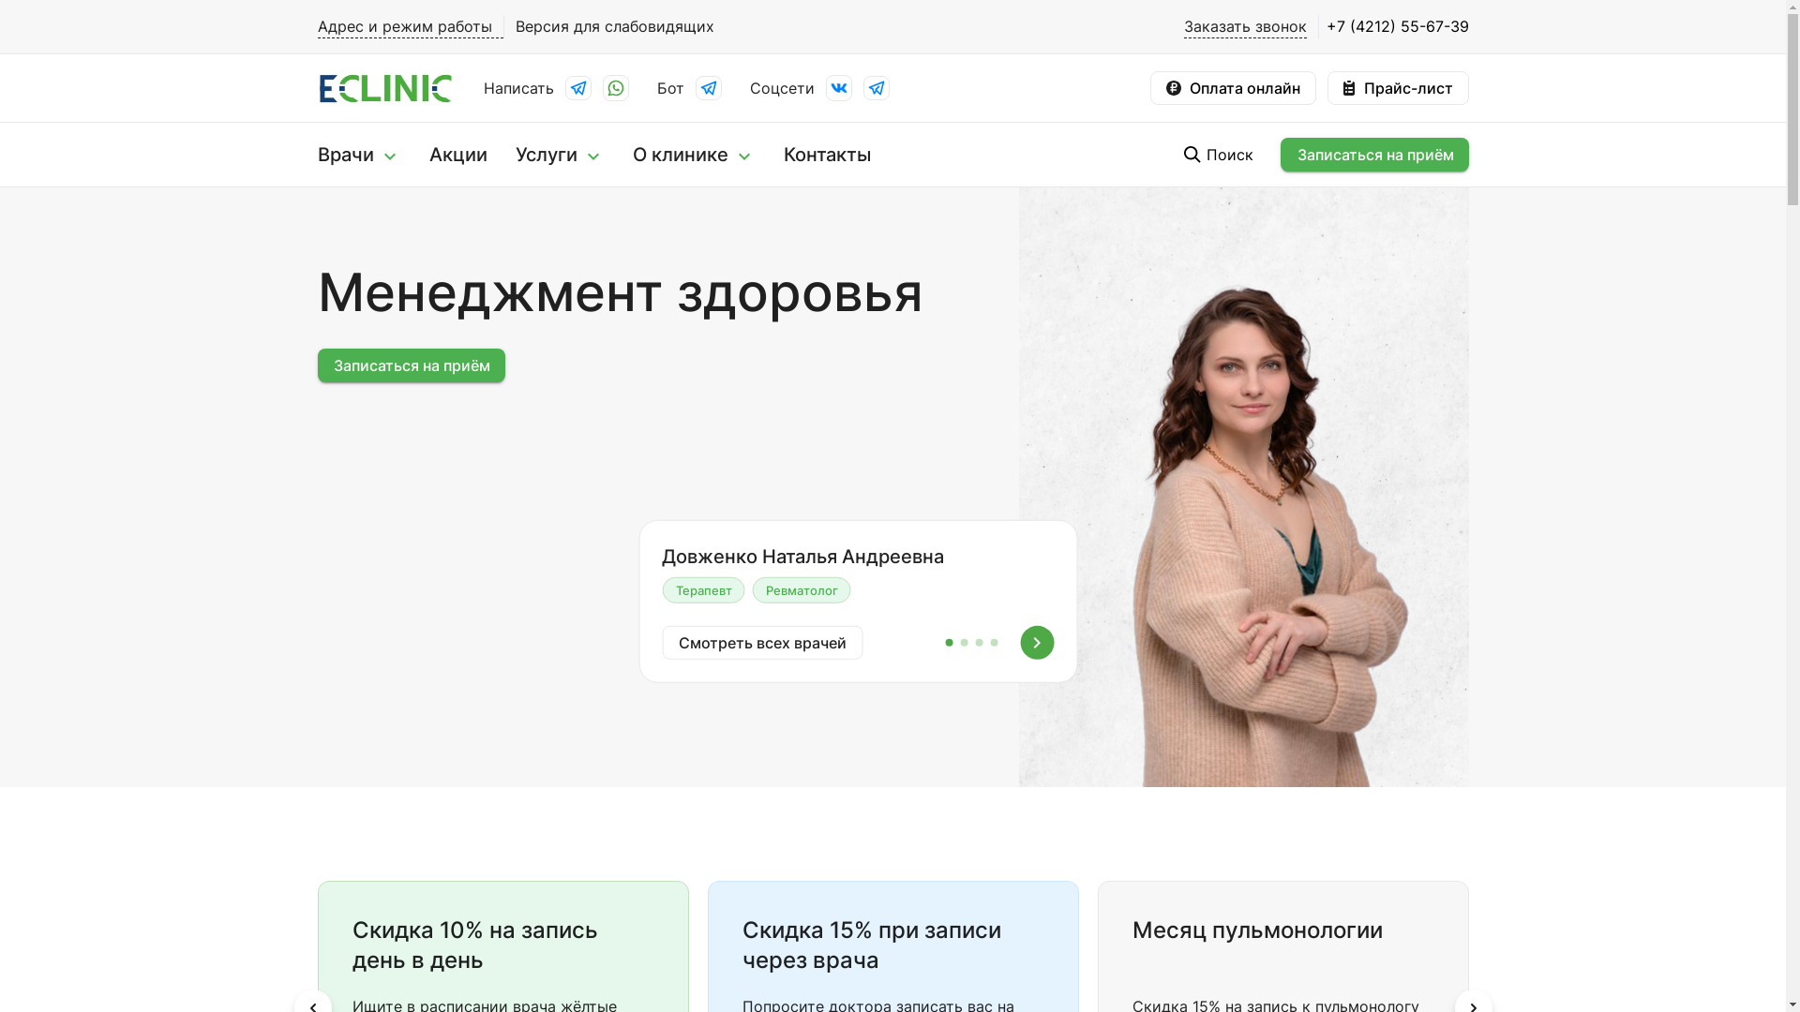 This screenshot has width=1800, height=1012. What do you see at coordinates (1393, 26) in the screenshot?
I see `'+7 (4212) 55-67-39'` at bounding box center [1393, 26].